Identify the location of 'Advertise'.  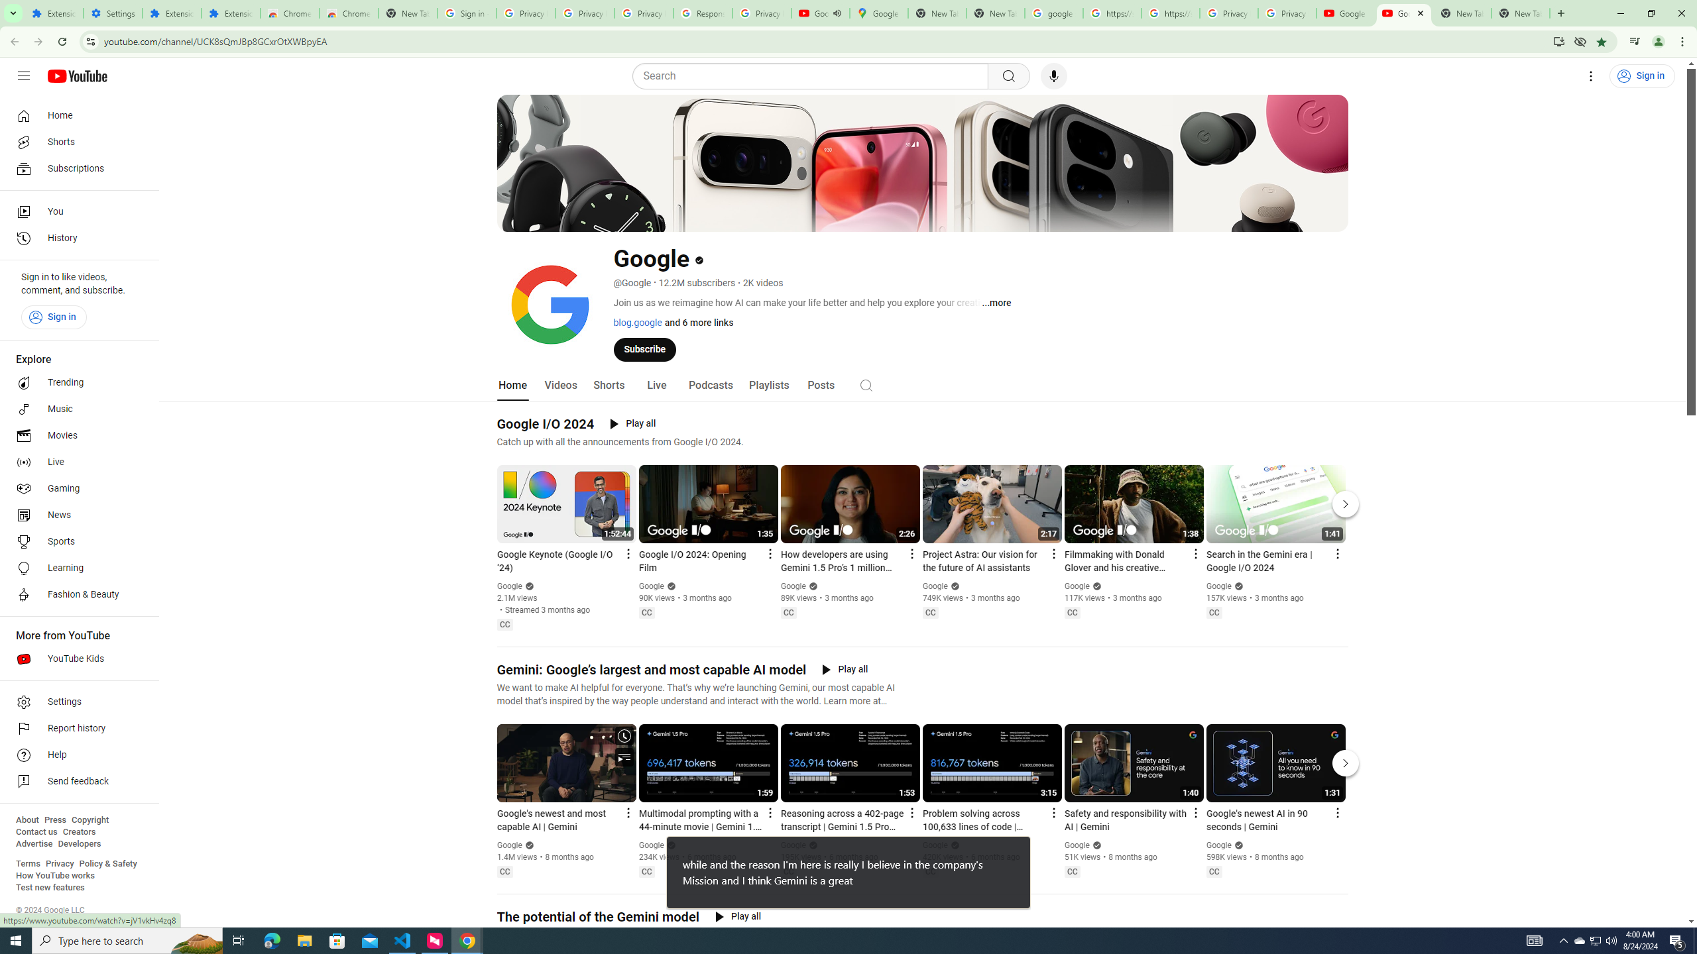
(33, 843).